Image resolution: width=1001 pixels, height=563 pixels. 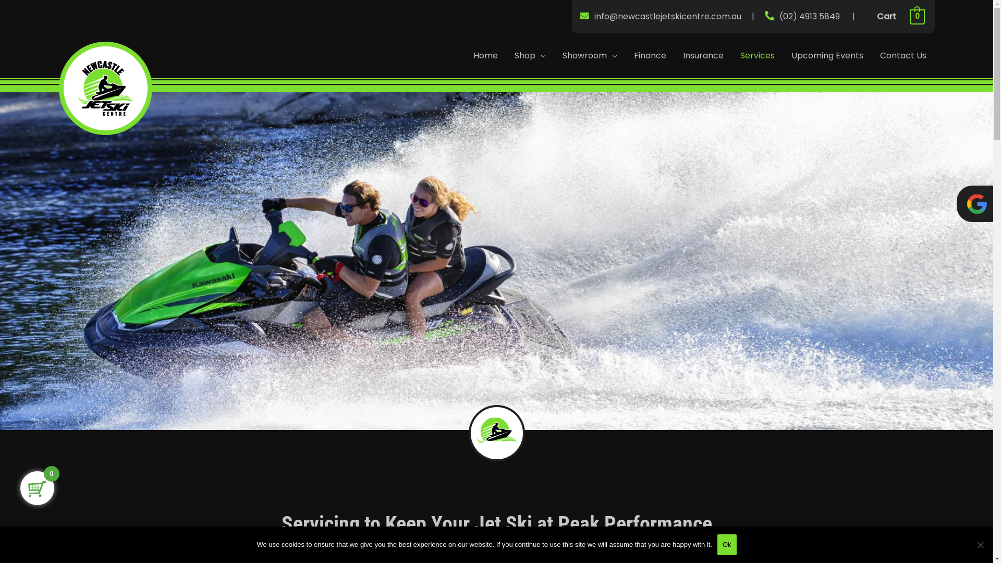 I want to click on '(02) 4913 5849', so click(x=810, y=16).